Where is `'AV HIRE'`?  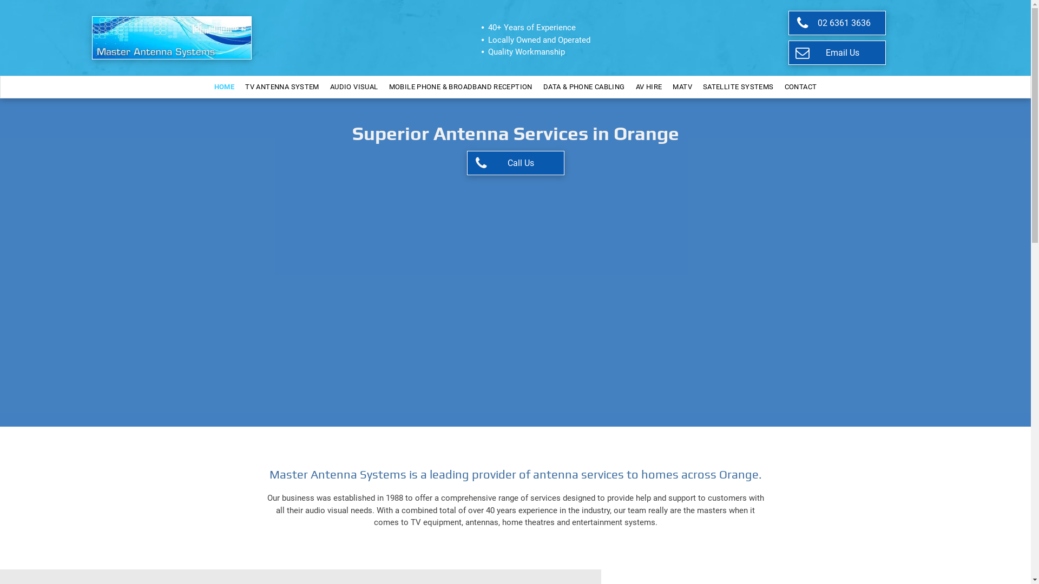
'AV HIRE' is located at coordinates (649, 87).